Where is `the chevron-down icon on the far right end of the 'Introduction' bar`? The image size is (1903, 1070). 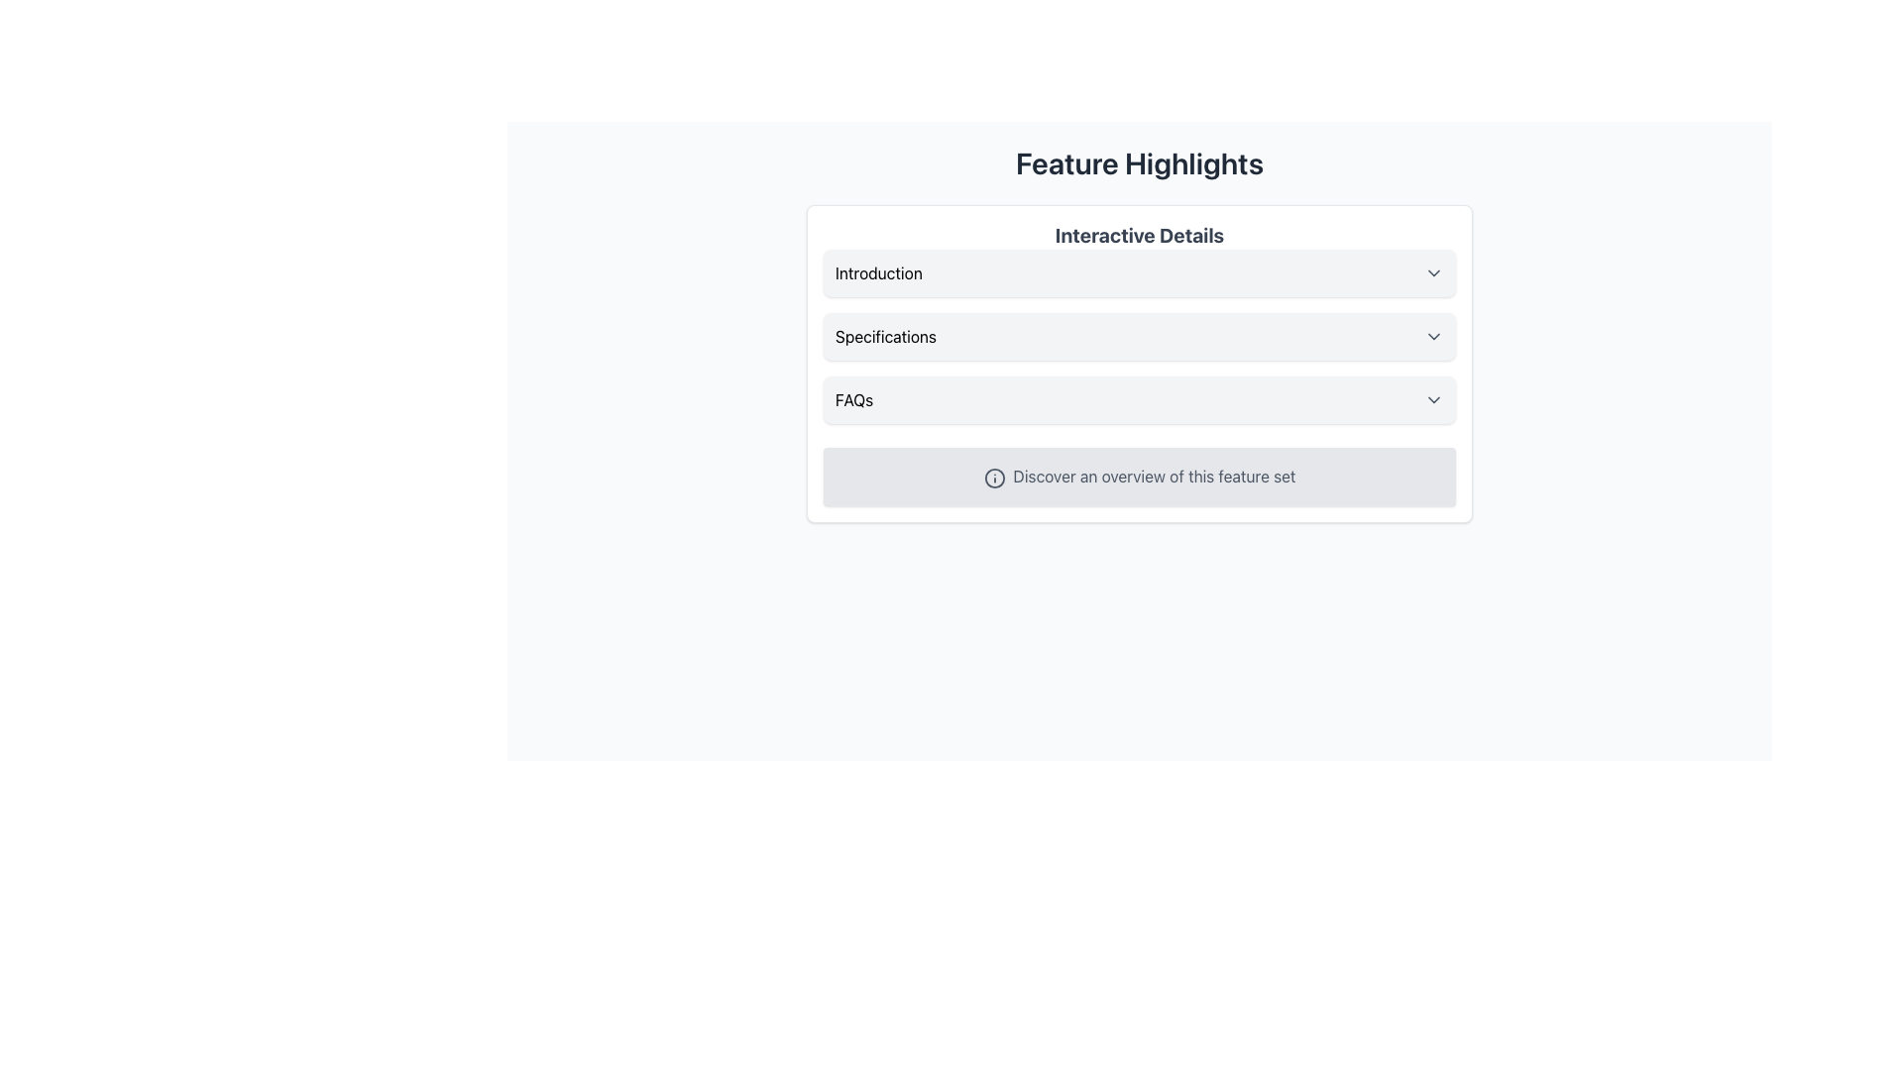 the chevron-down icon on the far right end of the 'Introduction' bar is located at coordinates (1433, 273).